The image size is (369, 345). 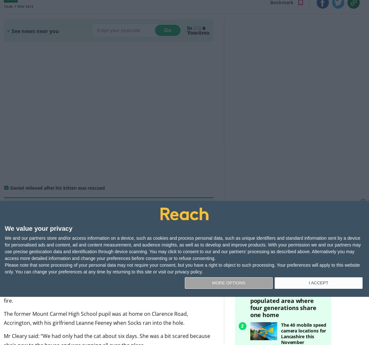 What do you see at coordinates (107, 330) in the screenshot?
I see `'Mr Cleary said: “We had only had the cat about six days. She was a bit scared because she's new to the house and was running all over the place.'` at bounding box center [107, 330].